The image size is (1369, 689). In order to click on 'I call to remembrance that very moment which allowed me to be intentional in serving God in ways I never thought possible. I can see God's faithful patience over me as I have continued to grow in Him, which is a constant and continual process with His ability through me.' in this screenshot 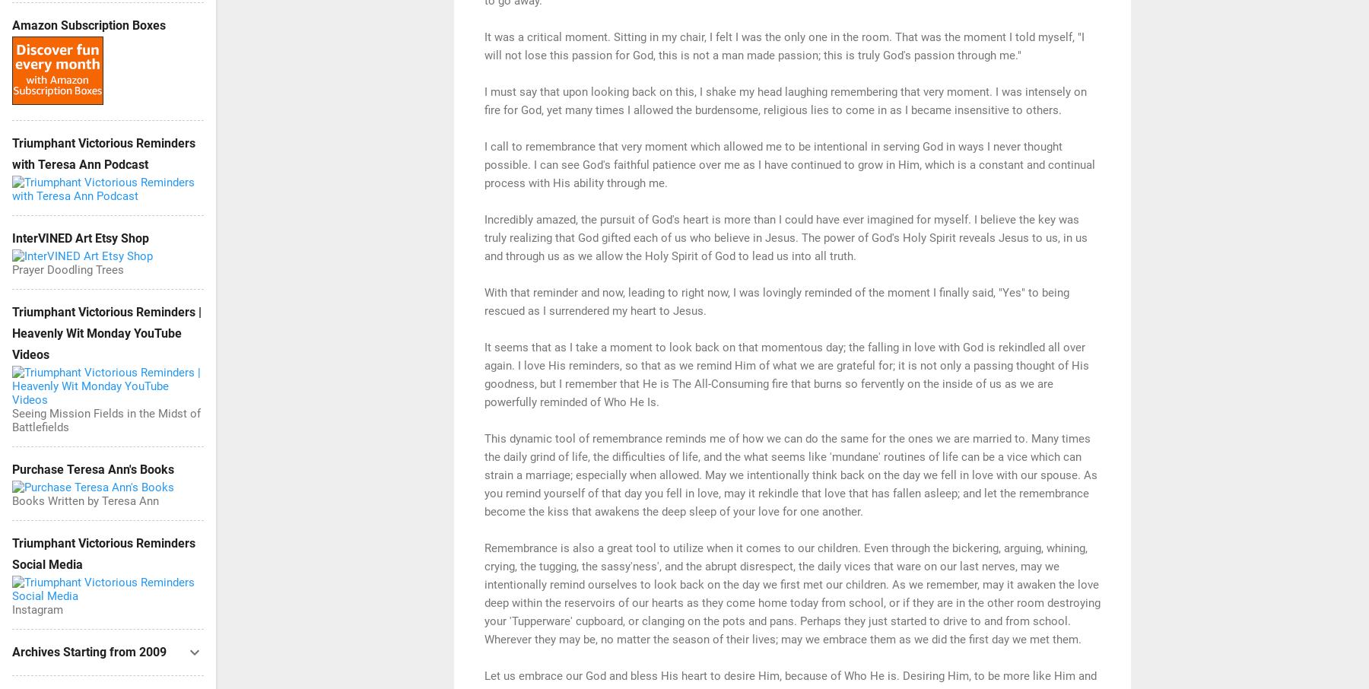, I will do `click(789, 163)`.